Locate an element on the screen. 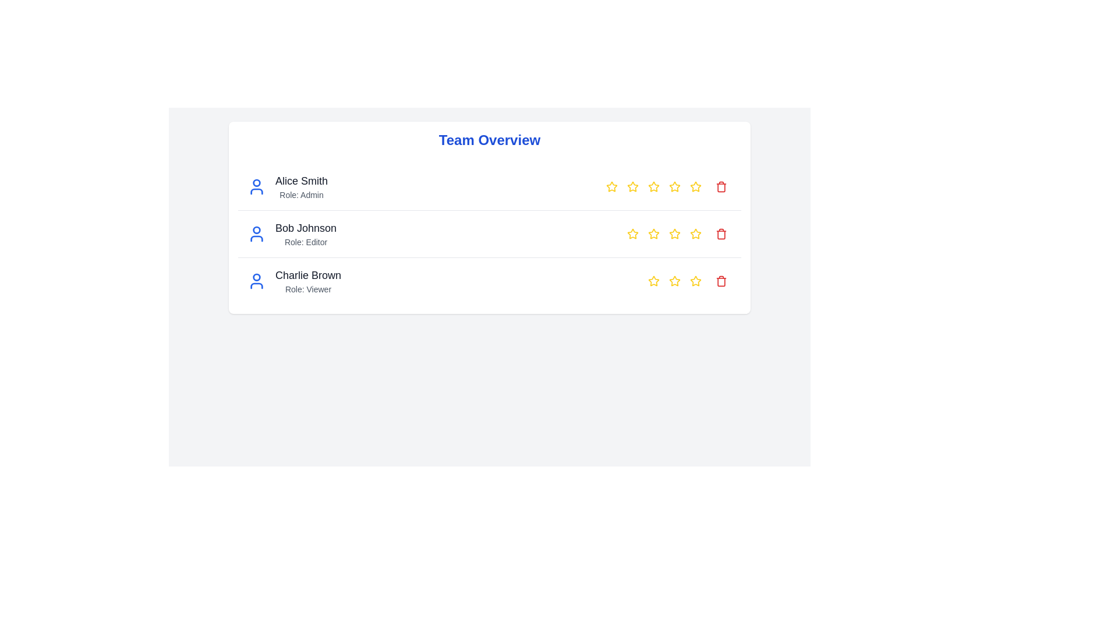  the SVG circle representing the user-avatar icon for 'Bob Johnson' located in the second row of the list is located at coordinates (256, 229).